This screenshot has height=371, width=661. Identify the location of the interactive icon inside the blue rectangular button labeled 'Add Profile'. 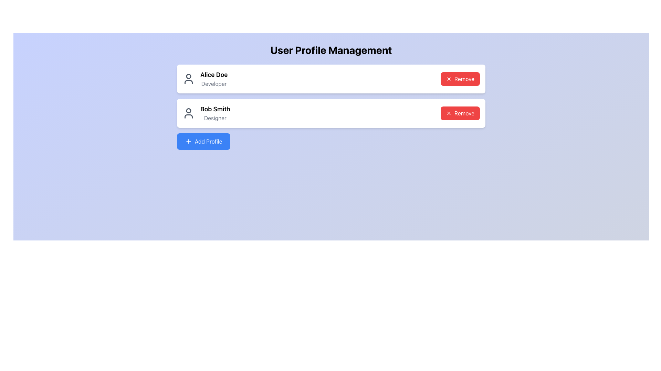
(188, 141).